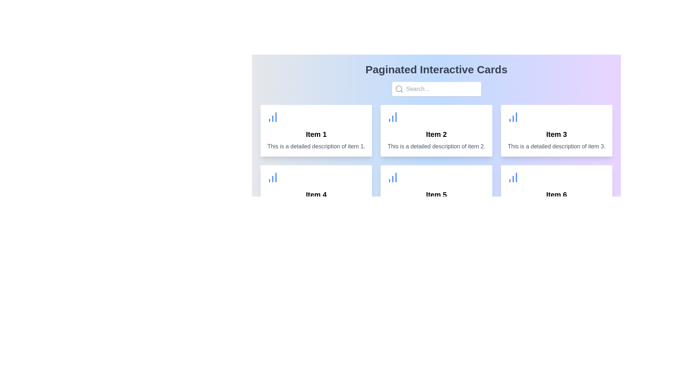 This screenshot has height=388, width=690. What do you see at coordinates (316, 134) in the screenshot?
I see `the text label that presents the title of the respective item or card in the first card of the multi-card grid layout` at bounding box center [316, 134].